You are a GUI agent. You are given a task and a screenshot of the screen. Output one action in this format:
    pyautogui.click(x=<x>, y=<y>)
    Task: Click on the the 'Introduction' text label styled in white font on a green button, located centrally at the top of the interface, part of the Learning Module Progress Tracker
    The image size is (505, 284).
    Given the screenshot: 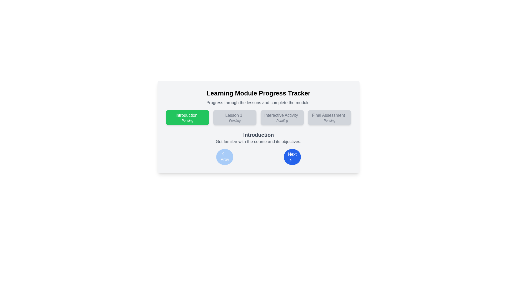 What is the action you would take?
    pyautogui.click(x=187, y=115)
    